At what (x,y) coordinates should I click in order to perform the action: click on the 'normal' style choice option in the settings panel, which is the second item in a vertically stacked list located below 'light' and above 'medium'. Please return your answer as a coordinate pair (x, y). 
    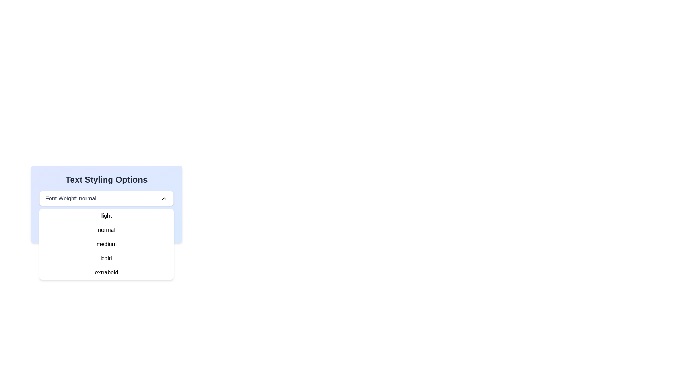
    Looking at the image, I should click on (106, 230).